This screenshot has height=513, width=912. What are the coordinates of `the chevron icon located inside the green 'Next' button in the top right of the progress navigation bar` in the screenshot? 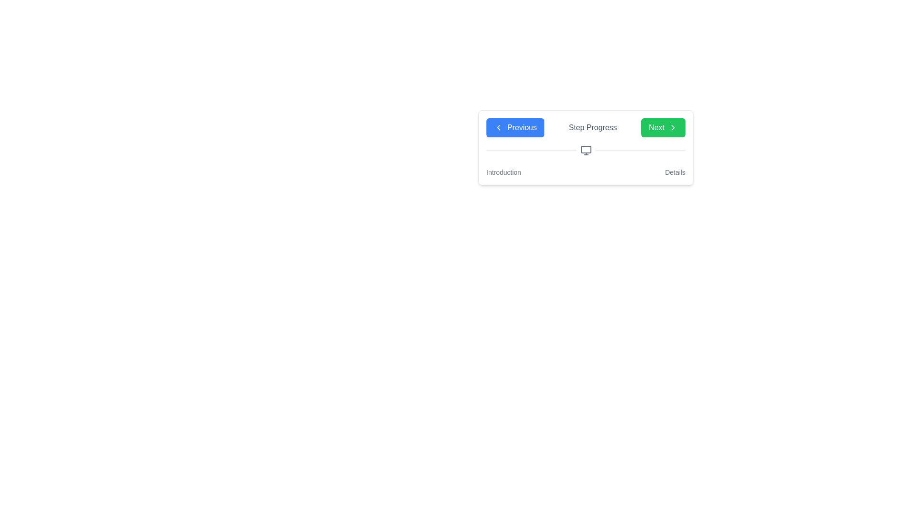 It's located at (672, 127).